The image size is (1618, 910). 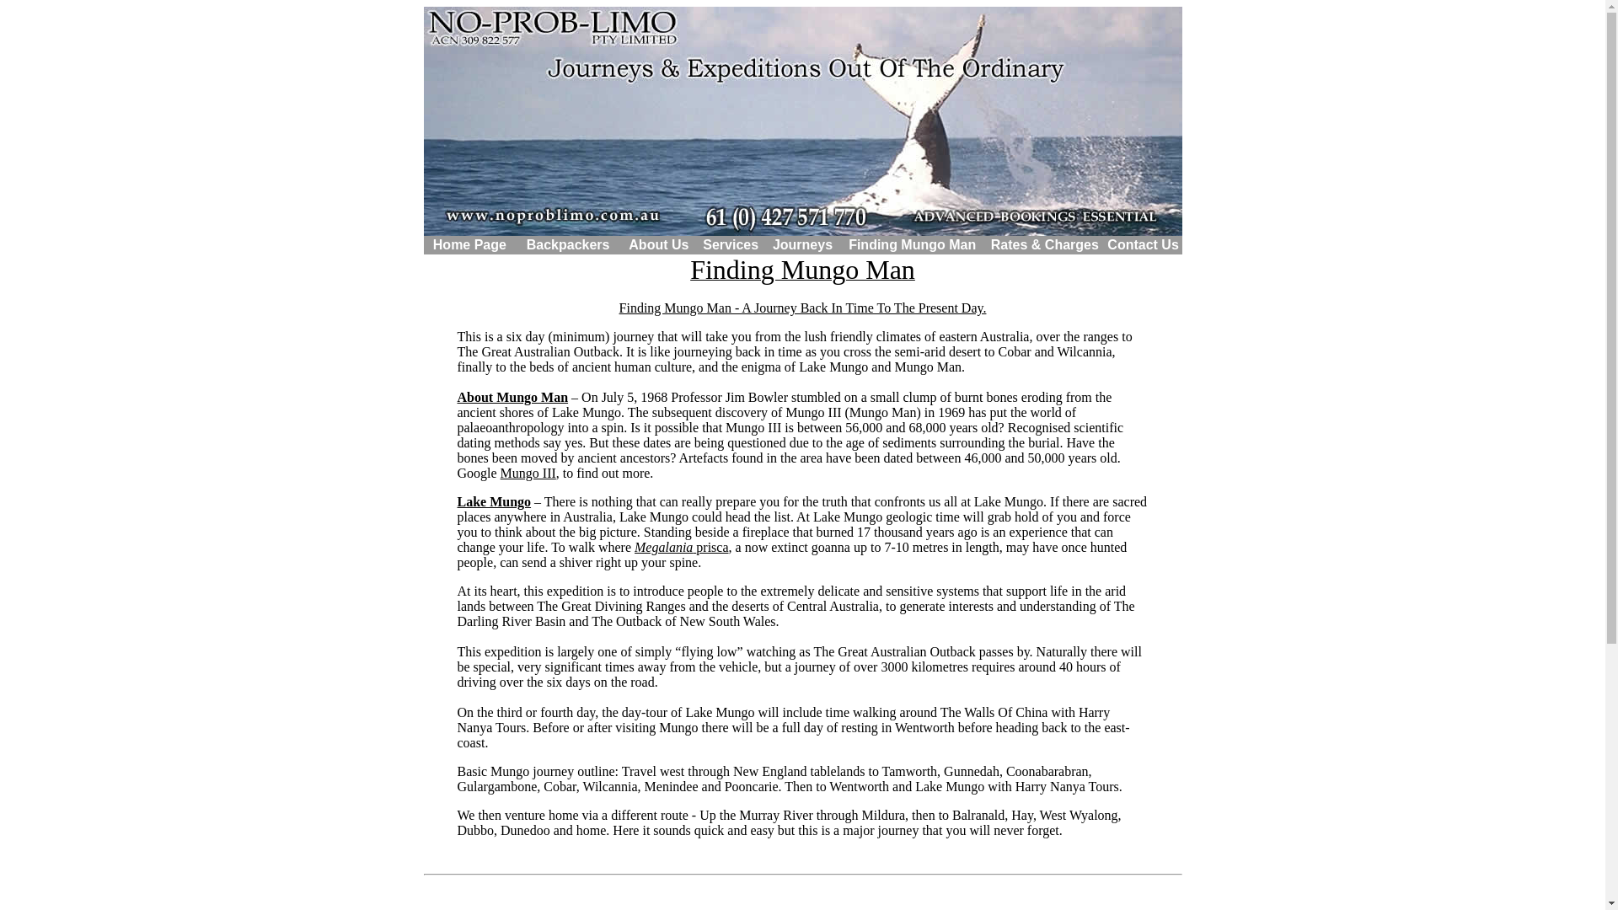 I want to click on 'Home Page', so click(x=432, y=244).